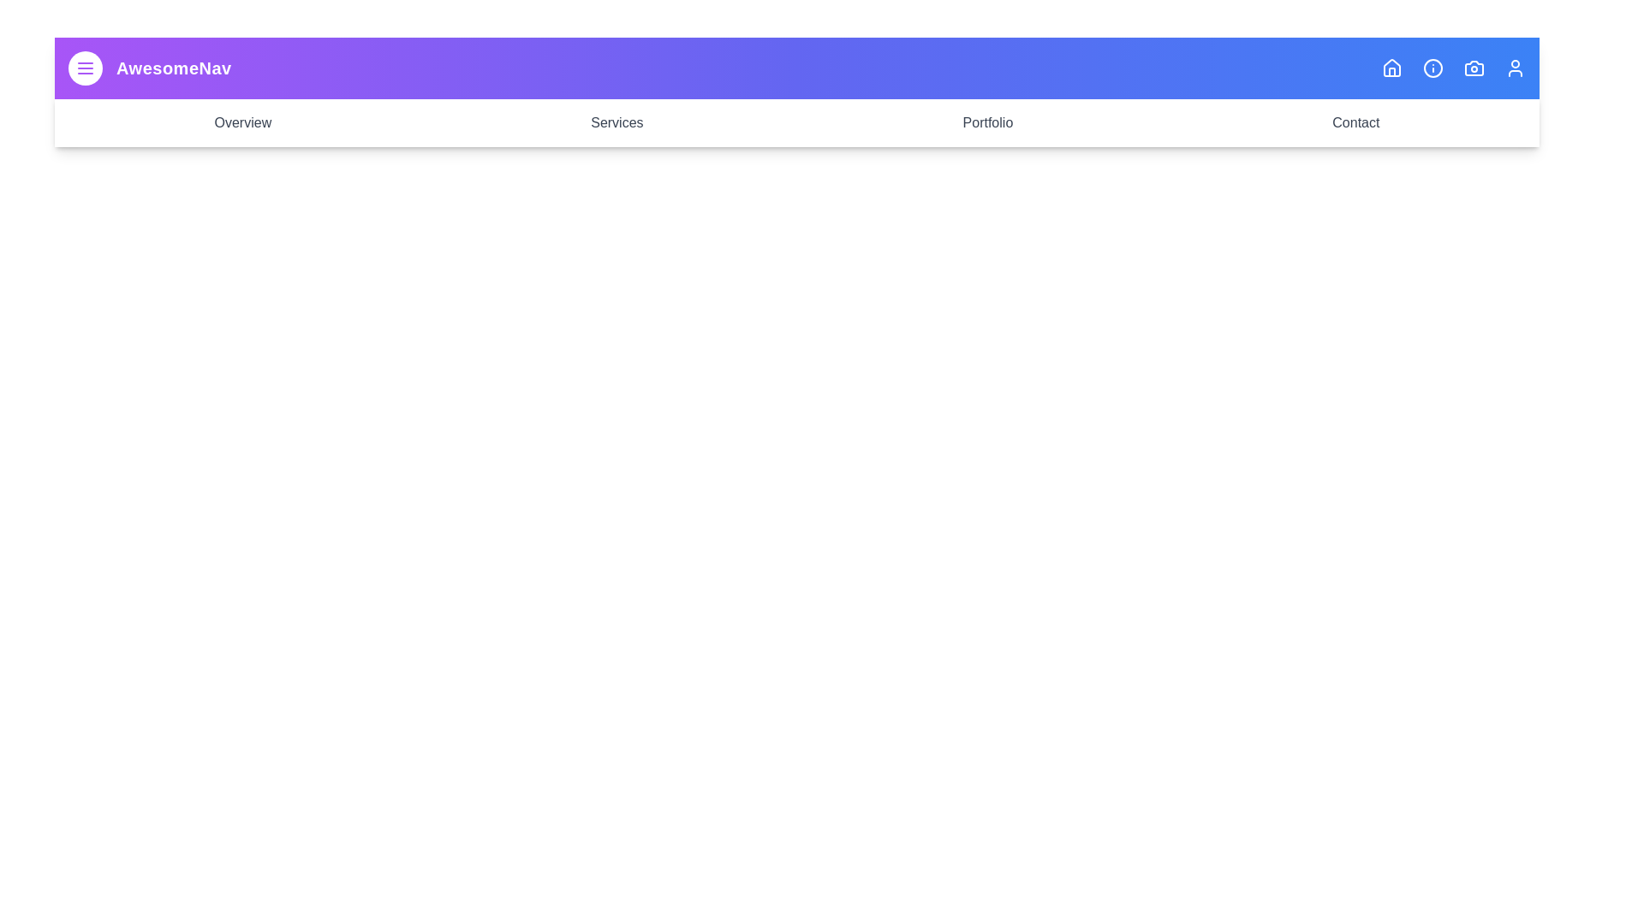  What do you see at coordinates (1392, 68) in the screenshot?
I see `the Home icon in the app bar` at bounding box center [1392, 68].